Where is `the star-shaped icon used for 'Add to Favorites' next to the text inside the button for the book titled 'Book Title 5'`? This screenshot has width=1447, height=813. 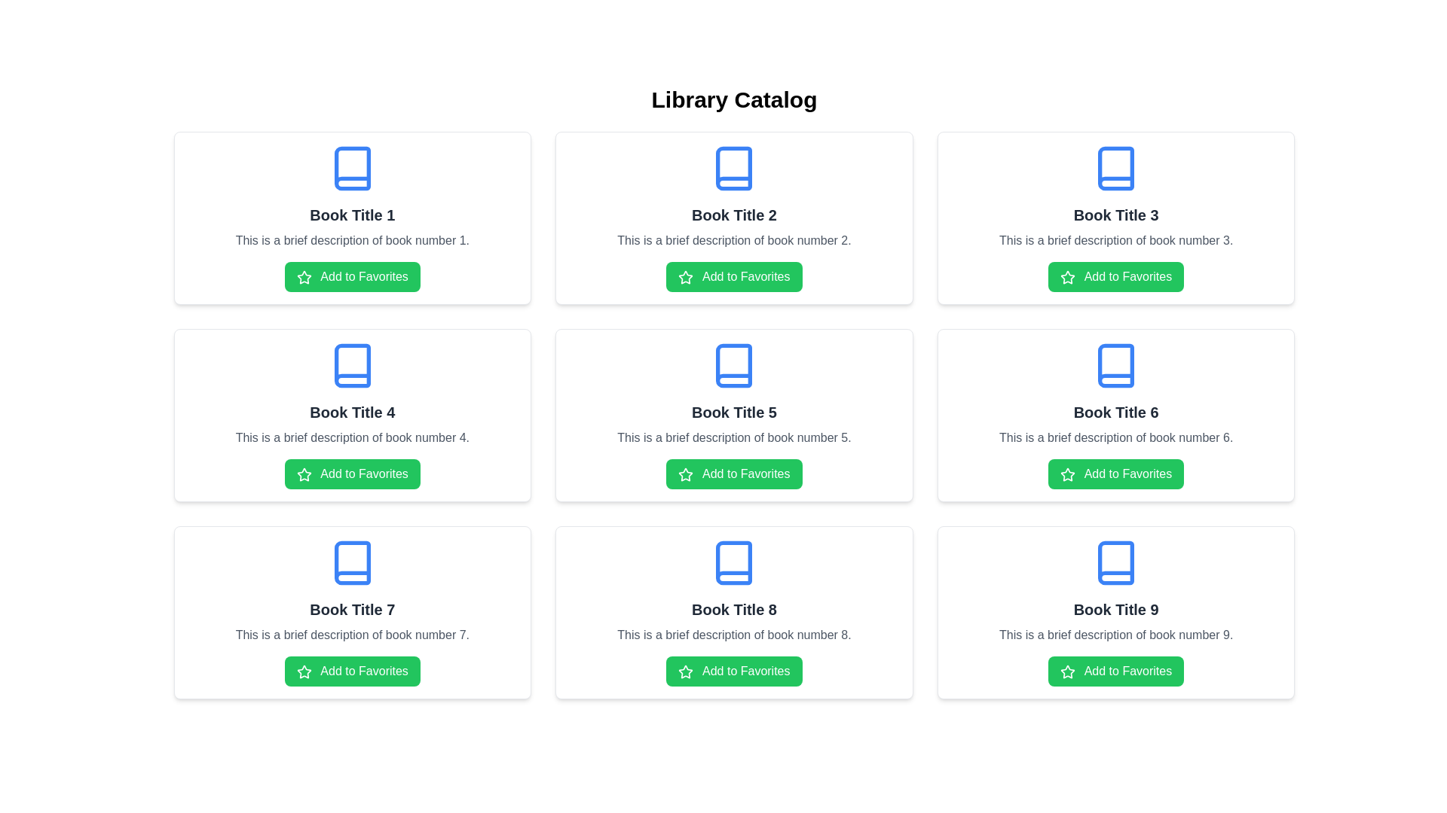 the star-shaped icon used for 'Add to Favorites' next to the text inside the button for the book titled 'Book Title 5' is located at coordinates (685, 474).